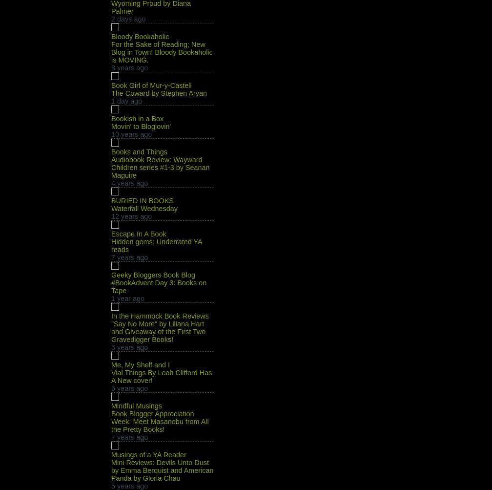 The height and width of the screenshot is (490, 492). I want to click on '12 years ago', so click(131, 216).